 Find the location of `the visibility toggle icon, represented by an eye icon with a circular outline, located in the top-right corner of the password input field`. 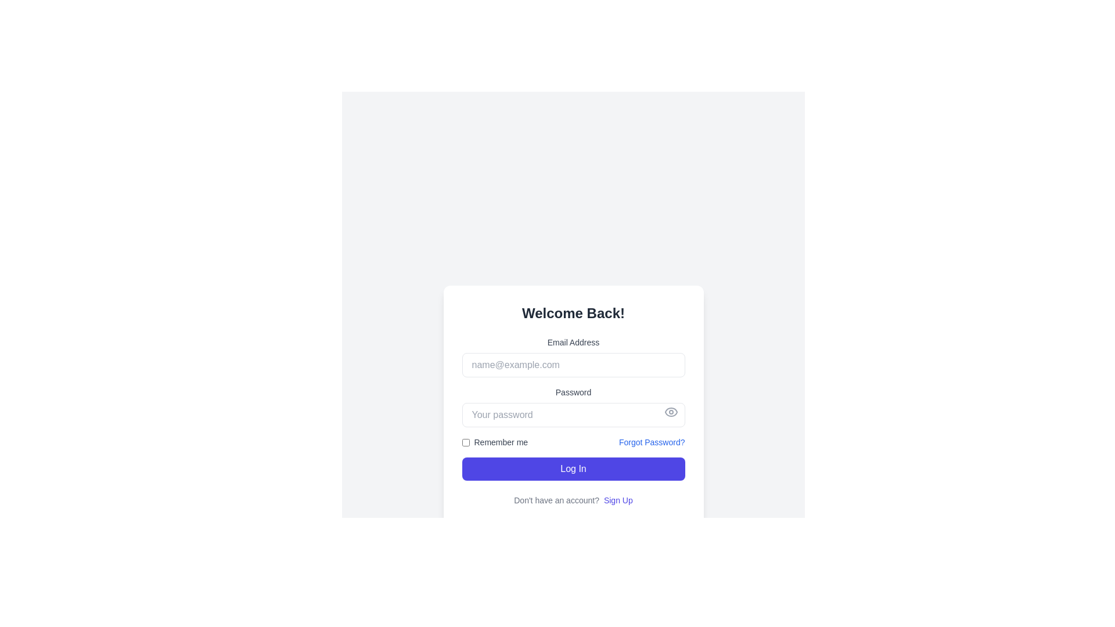

the visibility toggle icon, represented by an eye icon with a circular outline, located in the top-right corner of the password input field is located at coordinates (671, 411).